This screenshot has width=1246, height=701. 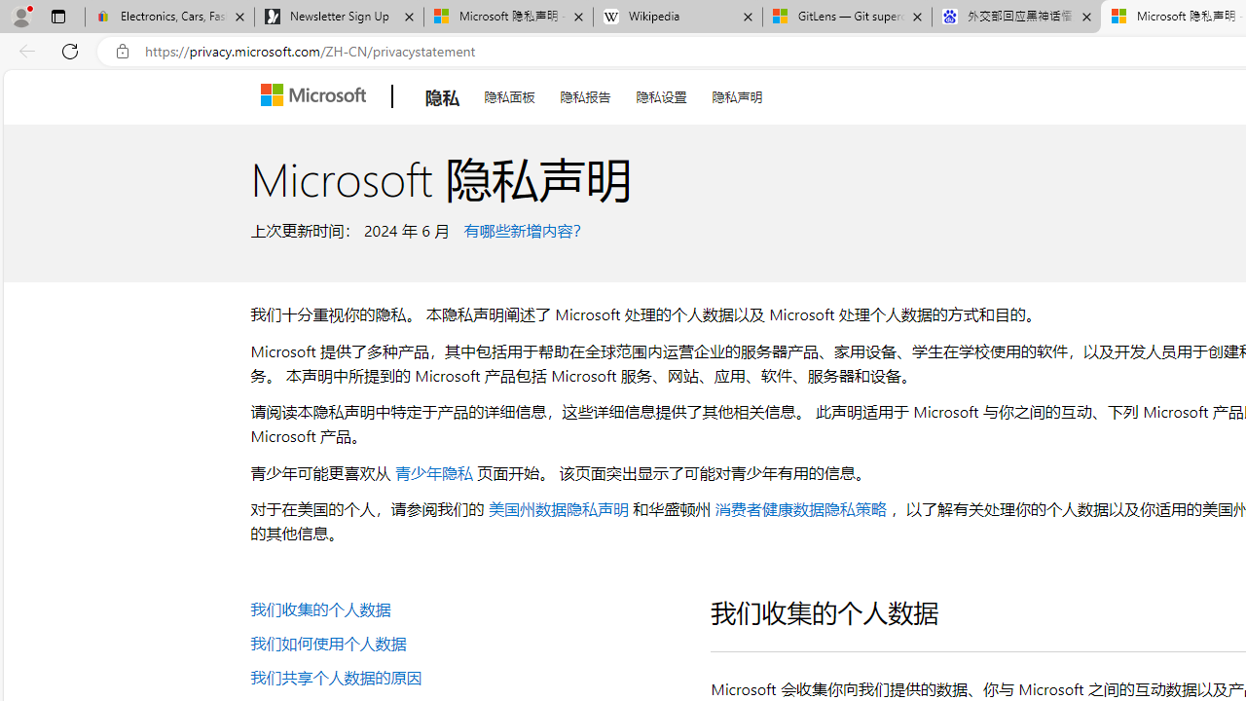 I want to click on 'Newsletter Sign Up', so click(x=339, y=17).